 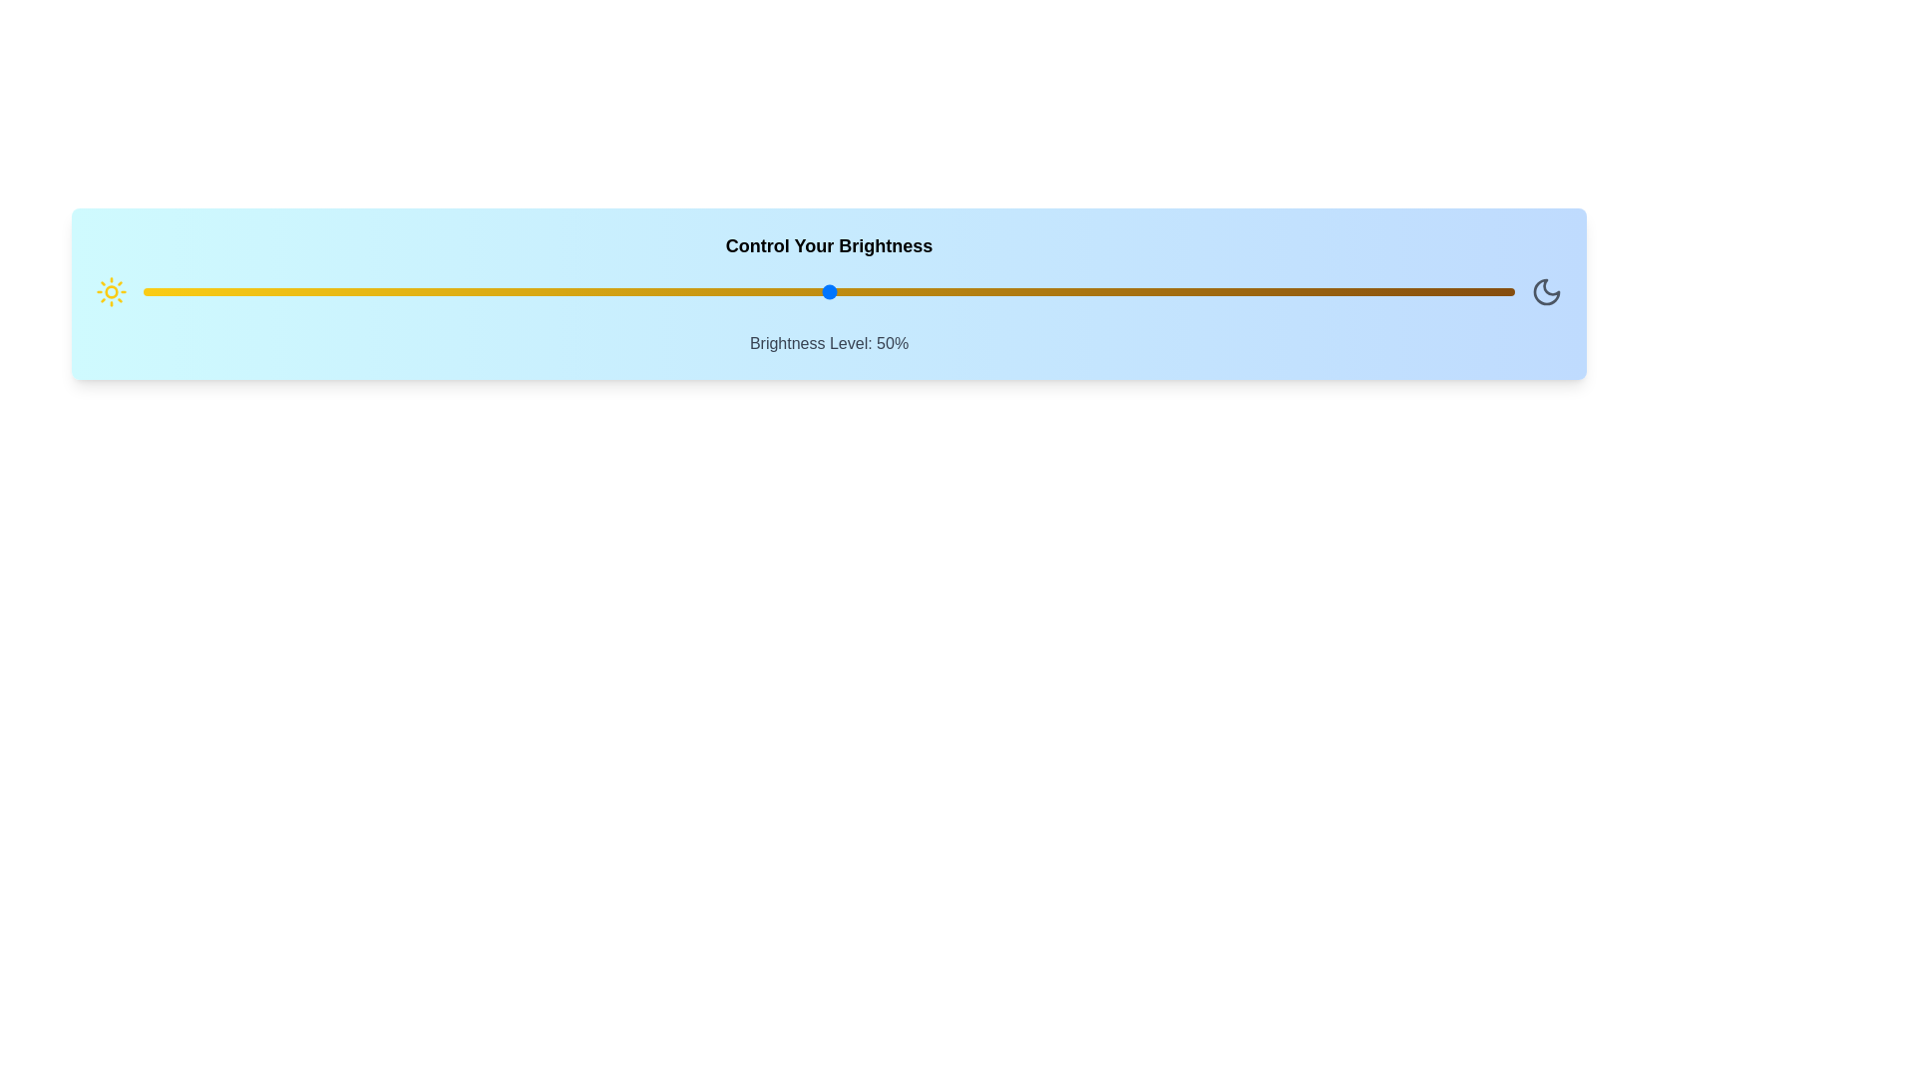 What do you see at coordinates (185, 292) in the screenshot?
I see `the brightness to 3% using the slider` at bounding box center [185, 292].